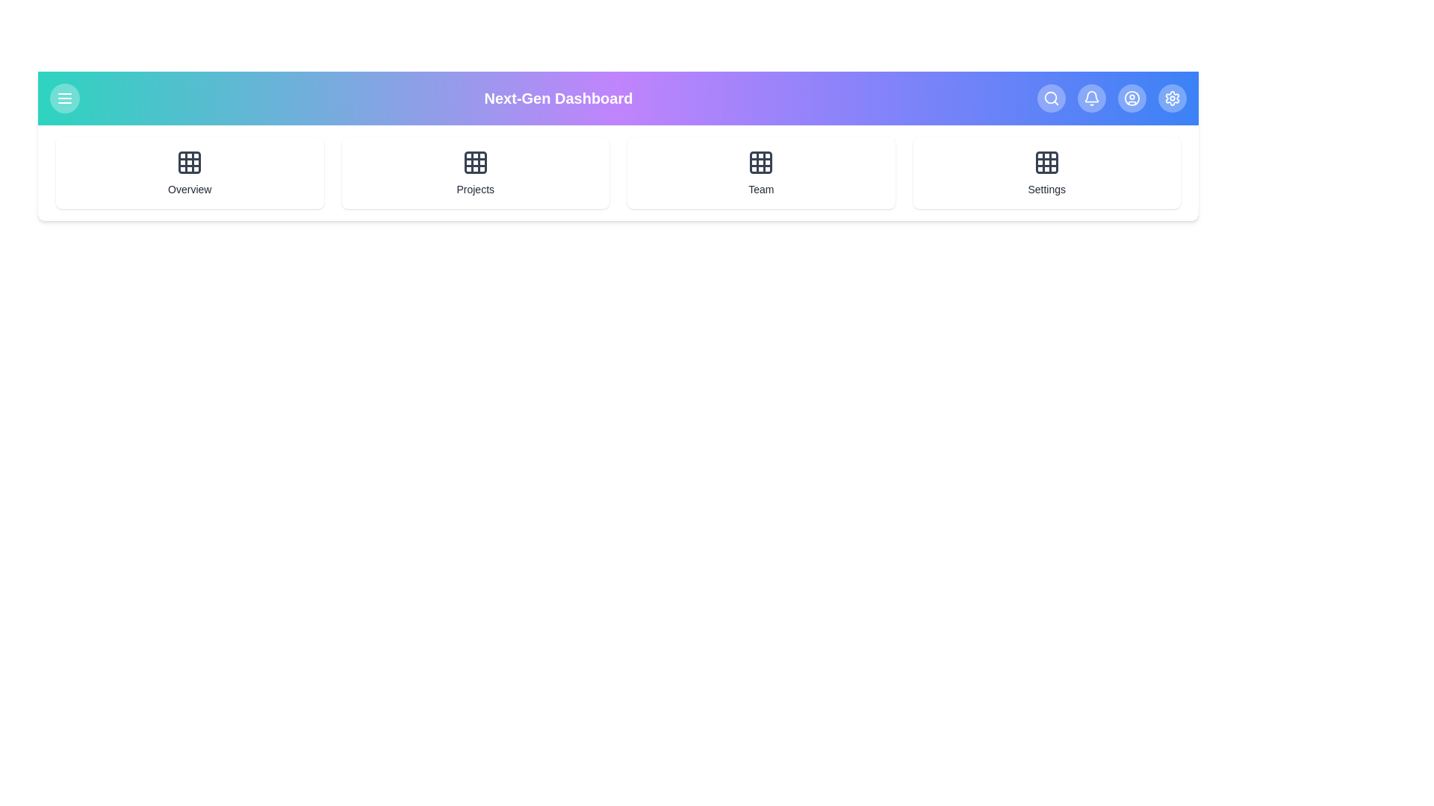 The image size is (1434, 806). Describe the element at coordinates (1050, 98) in the screenshot. I see `the search button in the app bar` at that location.